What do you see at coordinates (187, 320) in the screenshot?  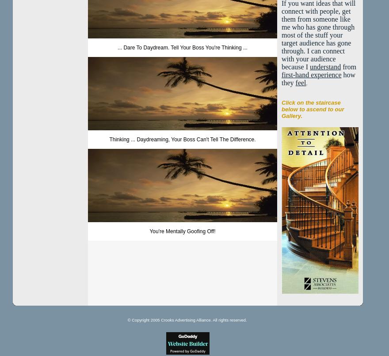 I see `'© Copyright 2005 Crooks Advertising Alliance. All rights reserved.'` at bounding box center [187, 320].